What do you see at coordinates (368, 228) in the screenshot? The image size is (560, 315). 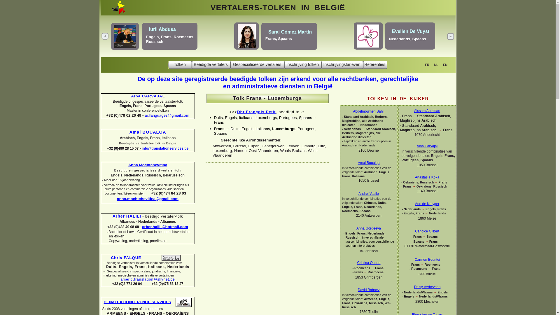 I see `'Anna Gordeeva'` at bounding box center [368, 228].